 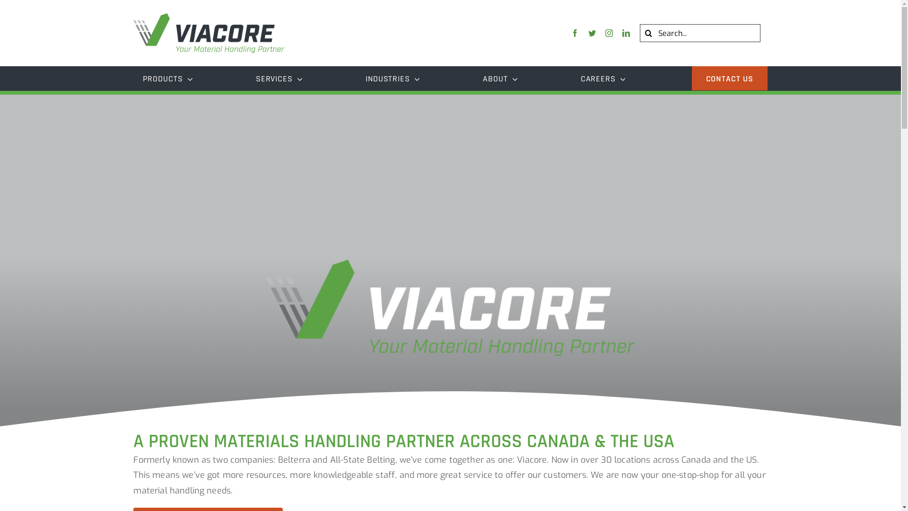 I want to click on 'ABOUT', so click(x=499, y=78).